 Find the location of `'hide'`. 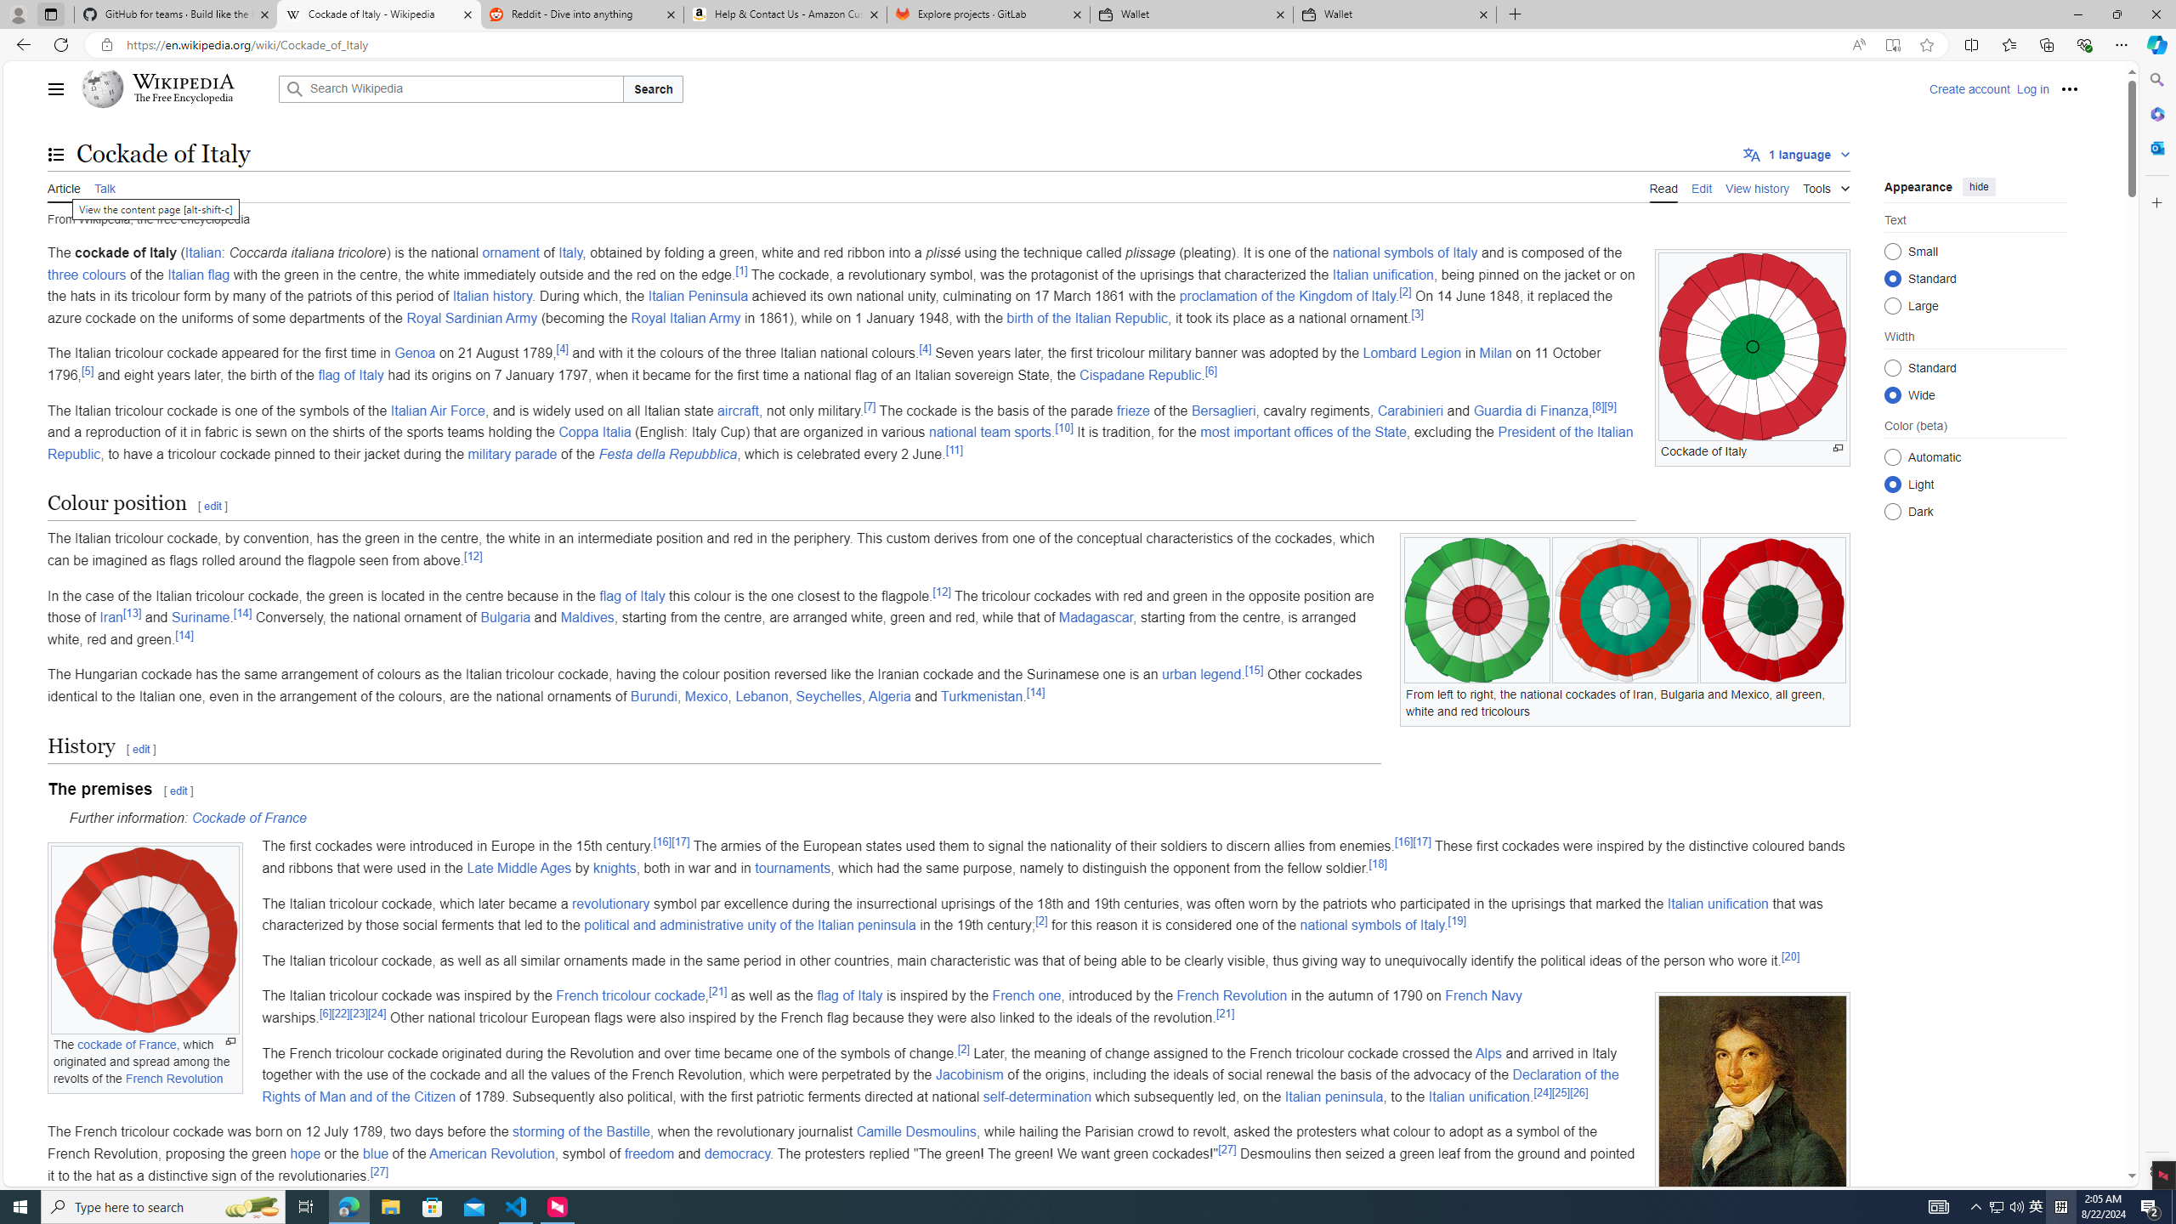

'hide' is located at coordinates (1978, 185).